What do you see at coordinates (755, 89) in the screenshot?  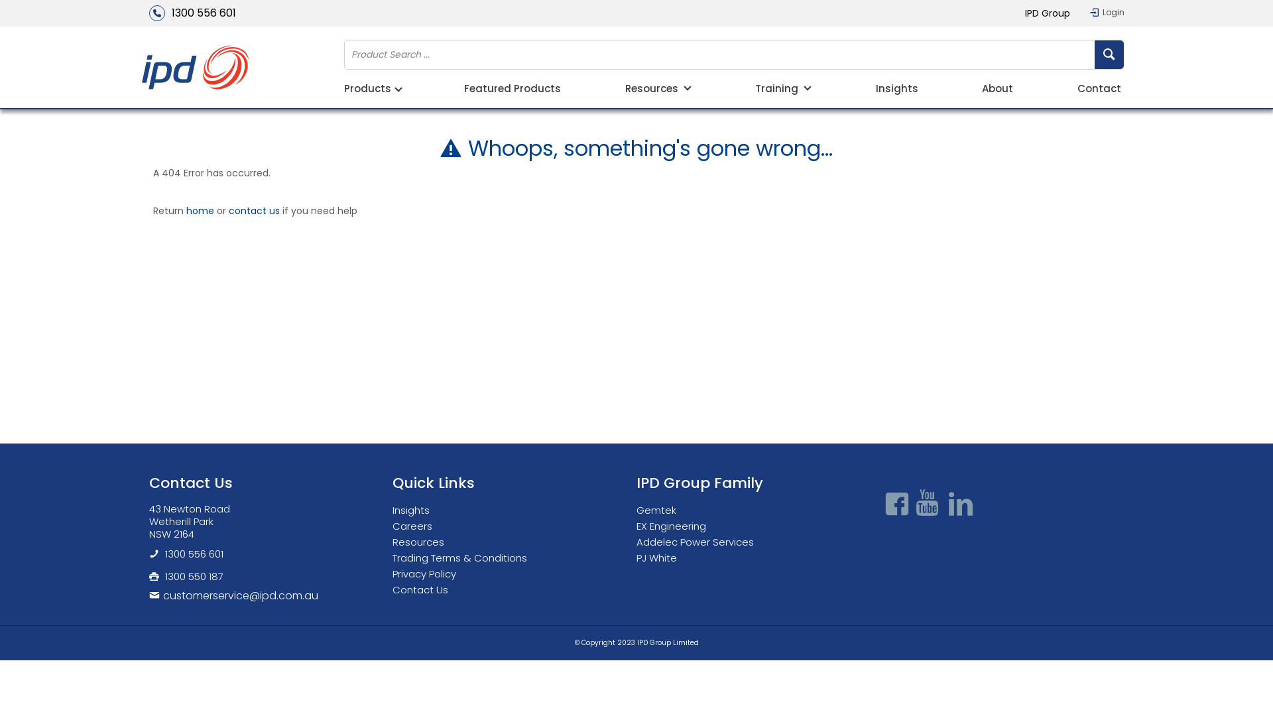 I see `'Training'` at bounding box center [755, 89].